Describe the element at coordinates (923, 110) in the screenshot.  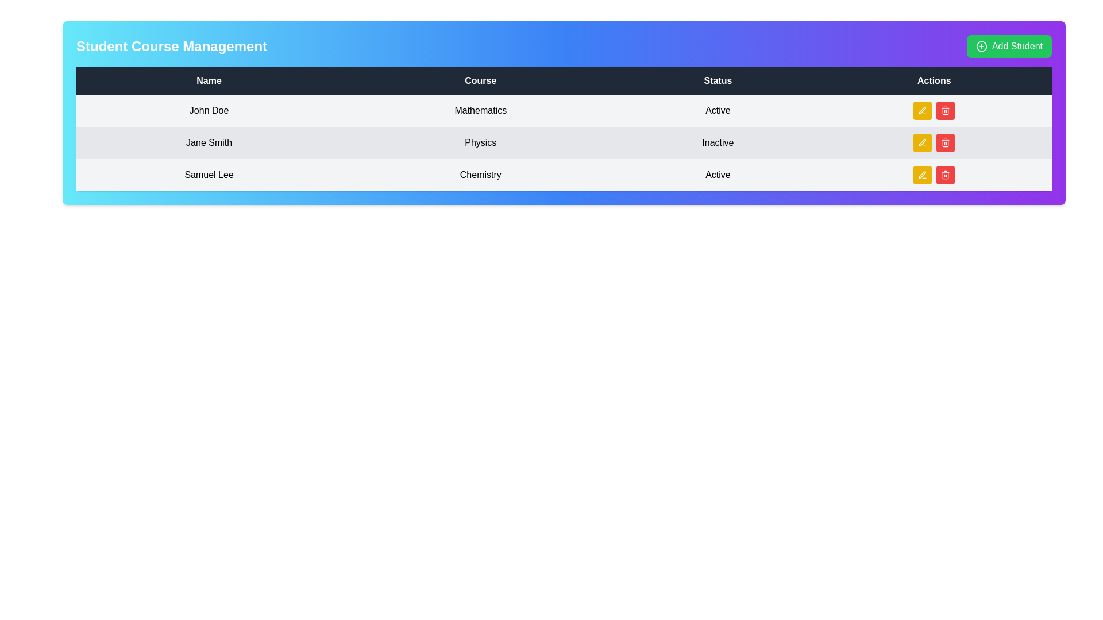
I see `the leftmost edit icon button located in the third row of the 'Actions' column in the table` at that location.